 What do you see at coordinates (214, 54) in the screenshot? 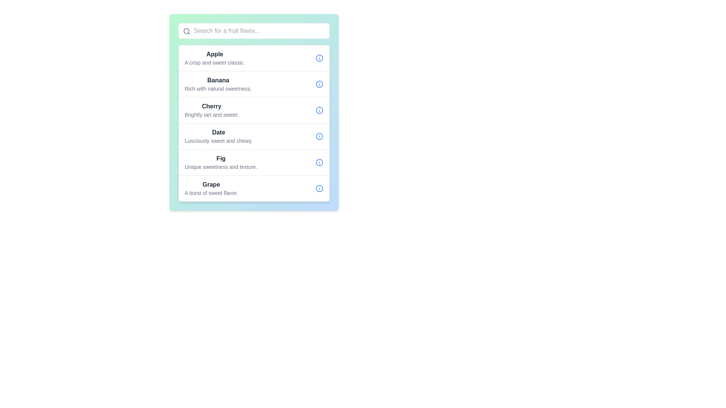
I see `the heading label that represents the name of a fruit, located above the descriptive text 'A crisp and sweet classic.'` at bounding box center [214, 54].